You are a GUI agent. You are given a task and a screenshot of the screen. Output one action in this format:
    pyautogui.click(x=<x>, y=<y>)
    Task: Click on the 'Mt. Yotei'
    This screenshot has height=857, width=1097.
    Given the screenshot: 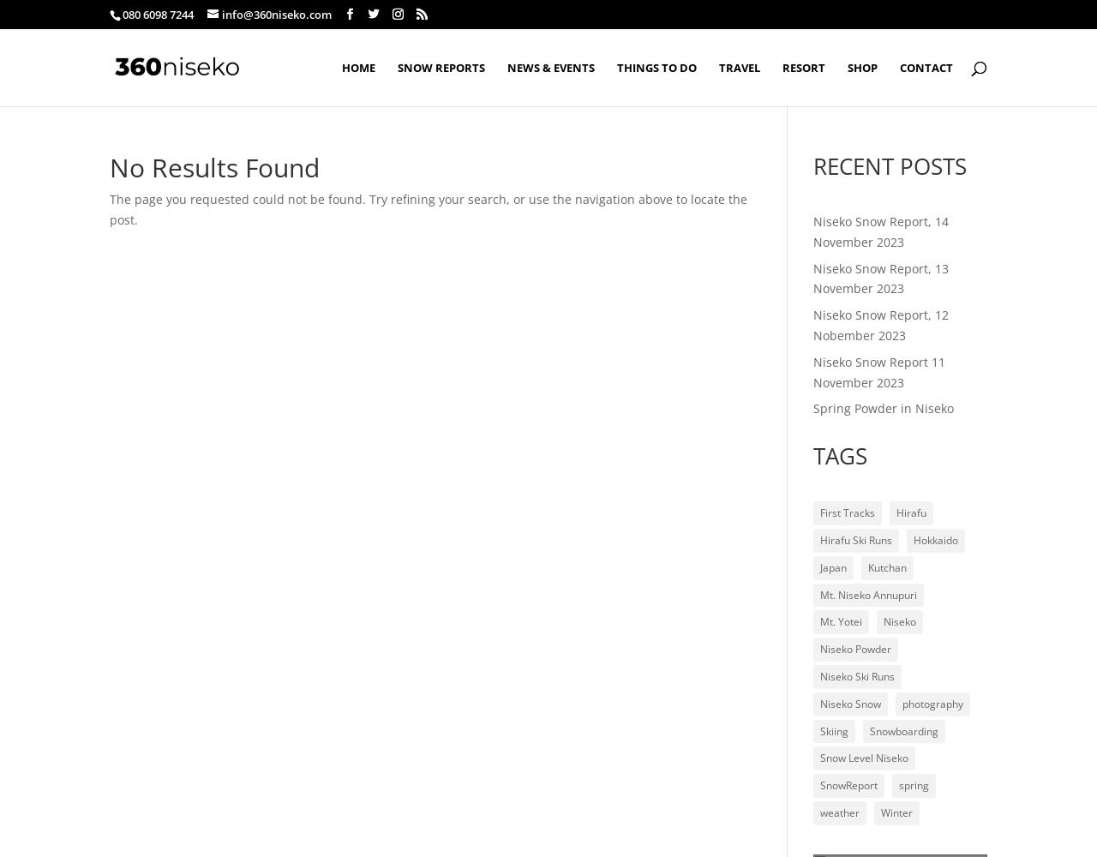 What is the action you would take?
    pyautogui.click(x=841, y=620)
    